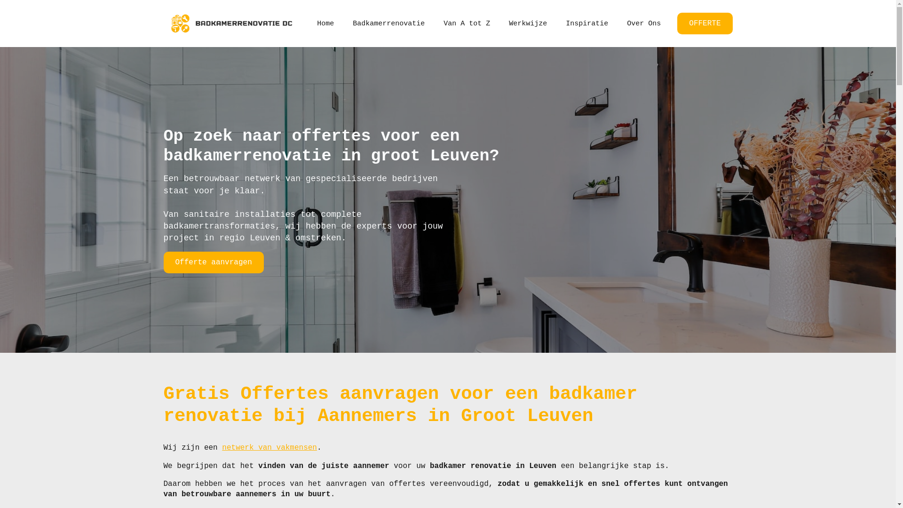  What do you see at coordinates (556, 23) in the screenshot?
I see `'Inspiratie'` at bounding box center [556, 23].